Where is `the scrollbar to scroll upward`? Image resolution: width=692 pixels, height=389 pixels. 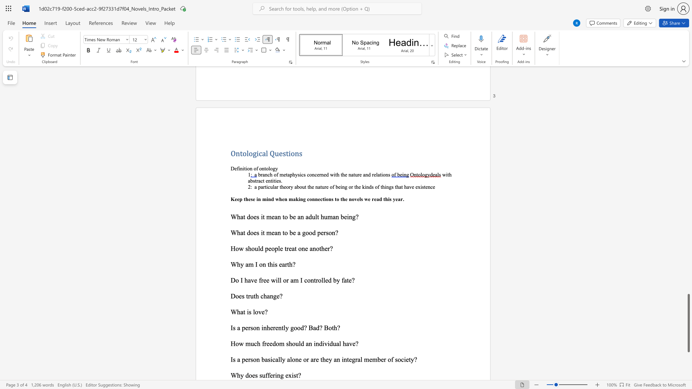
the scrollbar to scroll upward is located at coordinates (688, 248).